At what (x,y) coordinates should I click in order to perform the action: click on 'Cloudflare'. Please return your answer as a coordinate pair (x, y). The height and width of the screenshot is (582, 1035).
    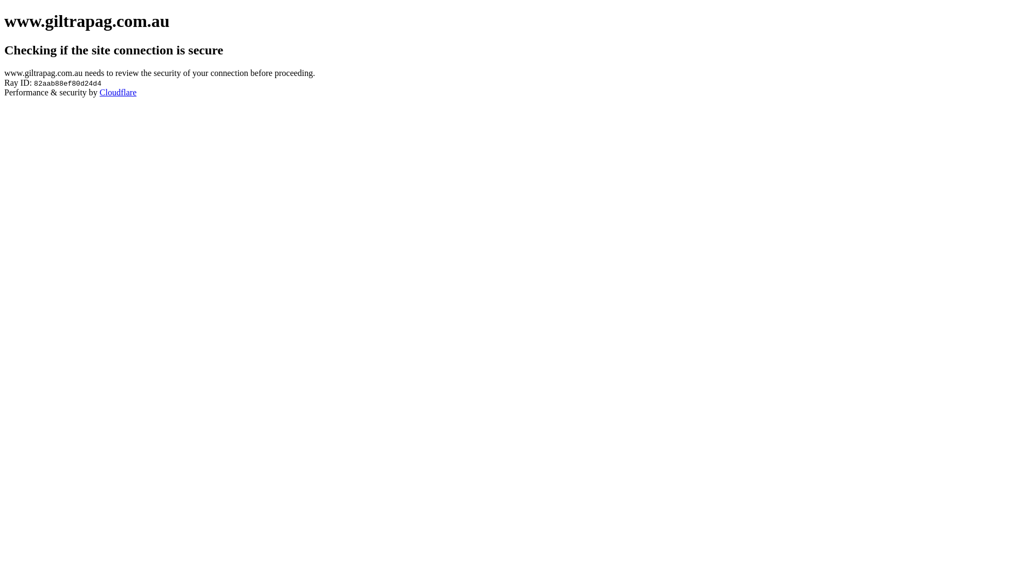
    Looking at the image, I should click on (118, 92).